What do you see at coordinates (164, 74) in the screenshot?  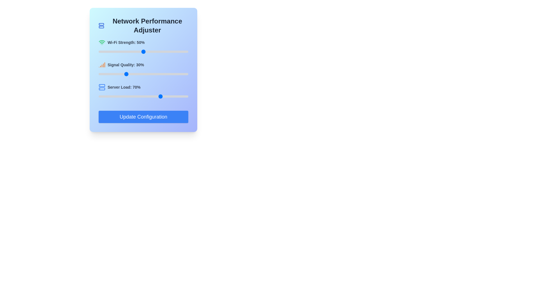 I see `the signal quality` at bounding box center [164, 74].